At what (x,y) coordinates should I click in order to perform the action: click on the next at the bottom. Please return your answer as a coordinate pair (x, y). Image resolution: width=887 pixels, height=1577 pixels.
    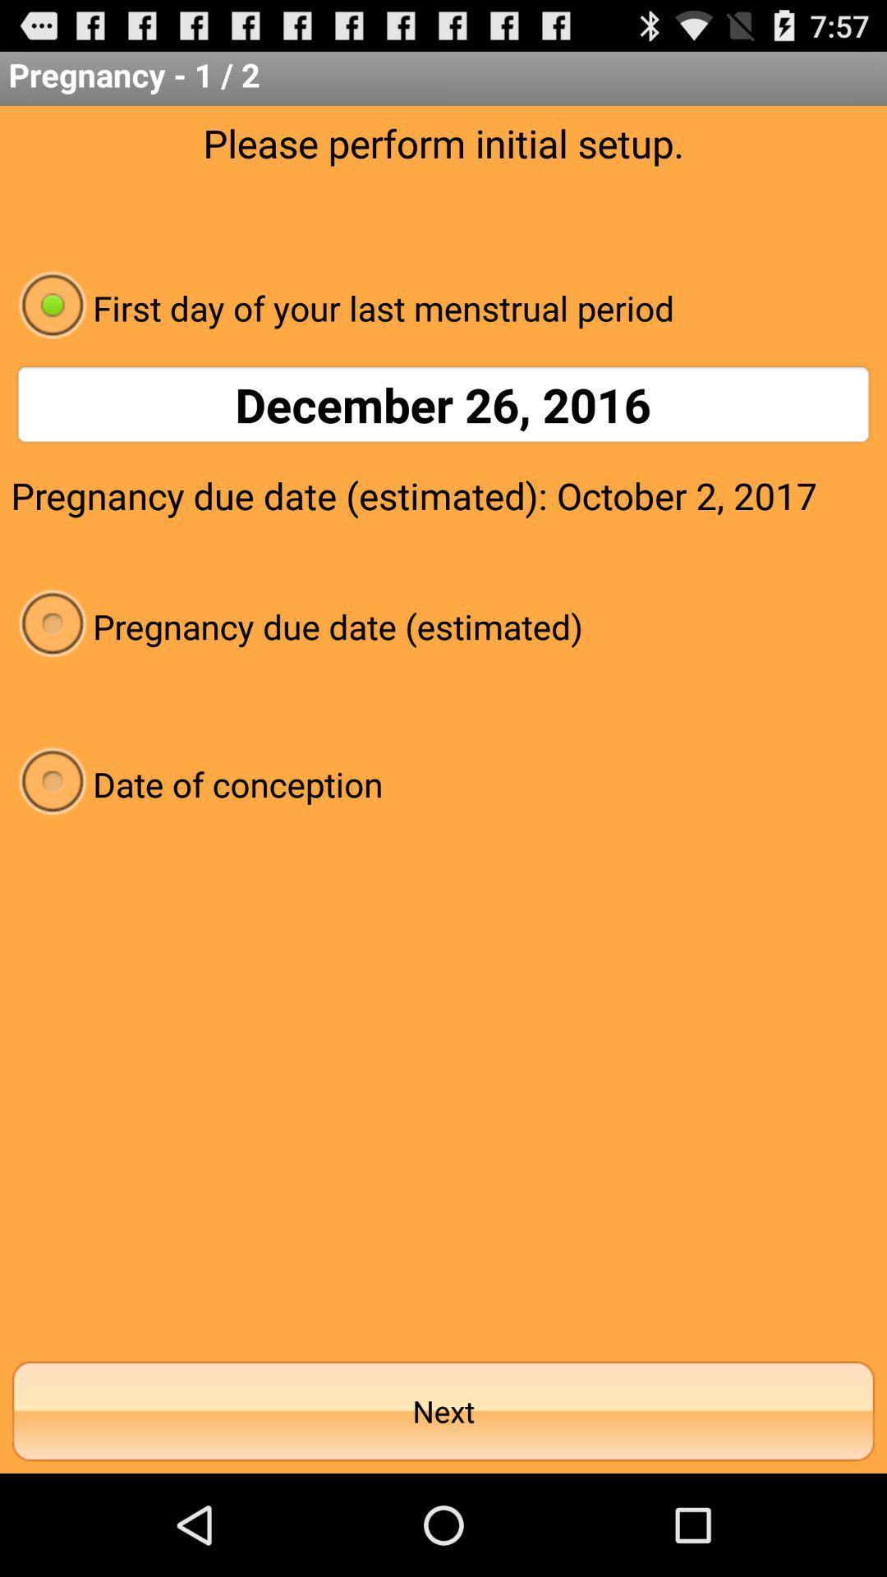
    Looking at the image, I should click on (443, 1410).